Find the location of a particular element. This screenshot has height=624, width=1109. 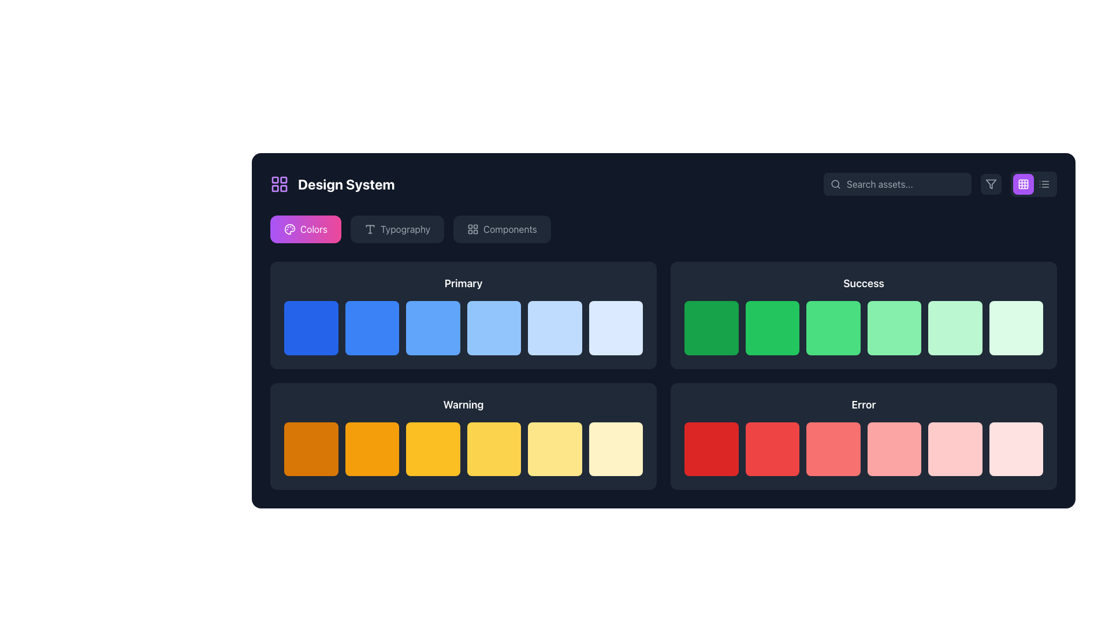

the bottom-left cell of the 2x2 grid icon located in the top-left corner of the interface, adjacent to the 'Design System' title is located at coordinates (274, 188).